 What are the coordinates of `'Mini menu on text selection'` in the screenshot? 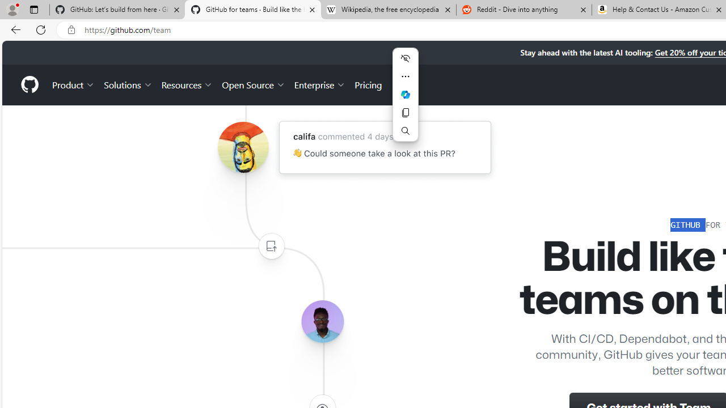 It's located at (405, 100).